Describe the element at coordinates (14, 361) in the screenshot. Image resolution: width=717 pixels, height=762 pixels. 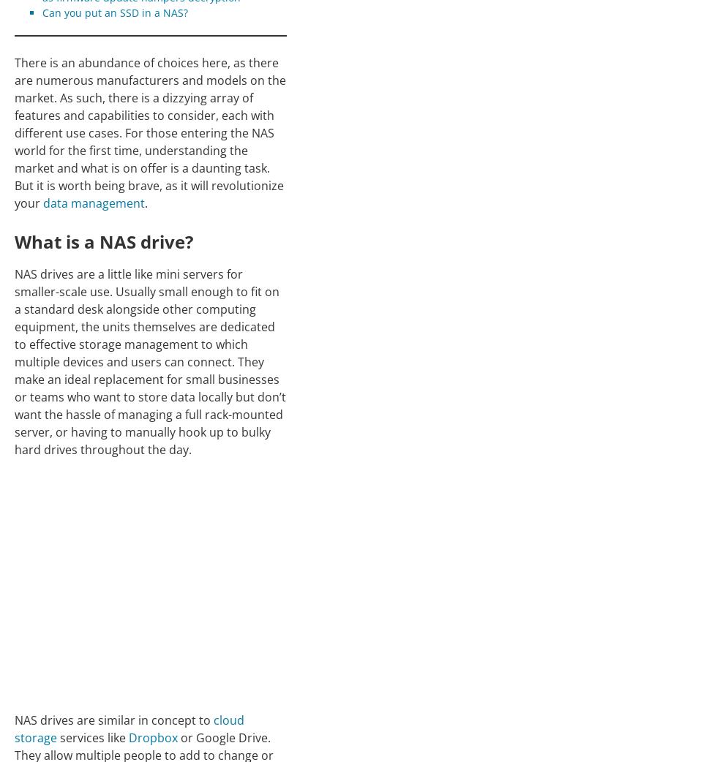
I see `'NAS drives are a little like mini servers for smaller-scale use. Usually small enough to fit on a standard desk alongside other computing equipment, the units themselves are dedicated to effective storage management to which multiple devices and users can connect. They make an ideal replacement for small businesses or teams who want to store data locally but don’t want the hassle of managing a full rack-mounted server, or having to manually hook up to bulky hard drives throughout the day.'` at that location.